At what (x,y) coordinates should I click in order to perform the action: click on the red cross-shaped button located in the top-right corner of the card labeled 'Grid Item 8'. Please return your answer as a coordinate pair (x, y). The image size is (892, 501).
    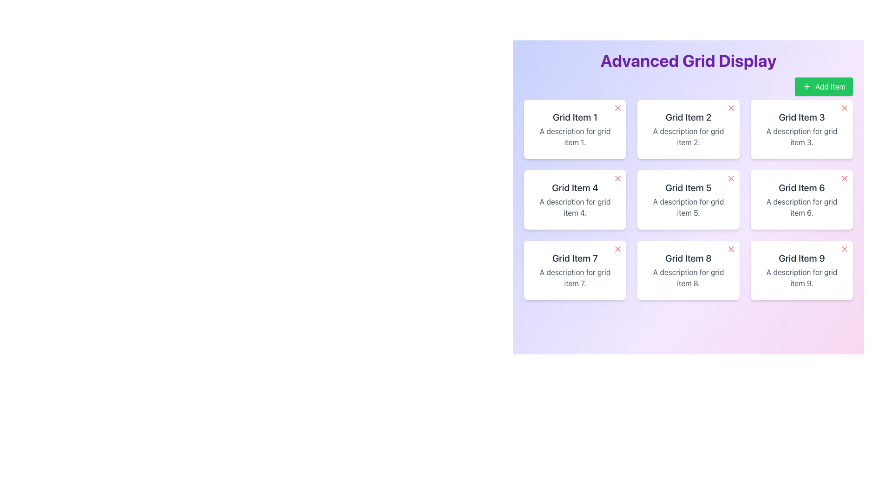
    Looking at the image, I should click on (731, 248).